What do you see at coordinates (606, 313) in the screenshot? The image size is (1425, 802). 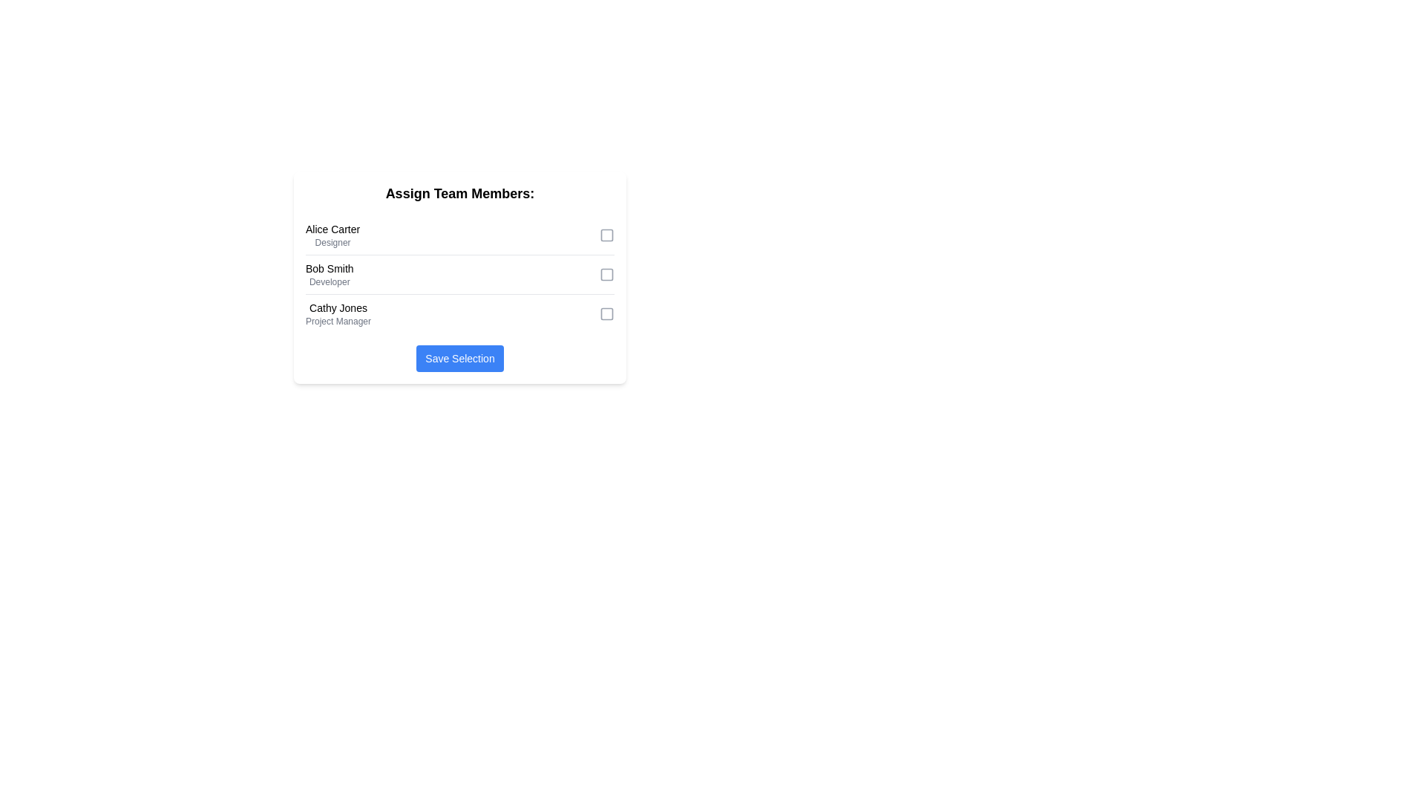 I see `the checkbox next to 'Cathy Jones'` at bounding box center [606, 313].